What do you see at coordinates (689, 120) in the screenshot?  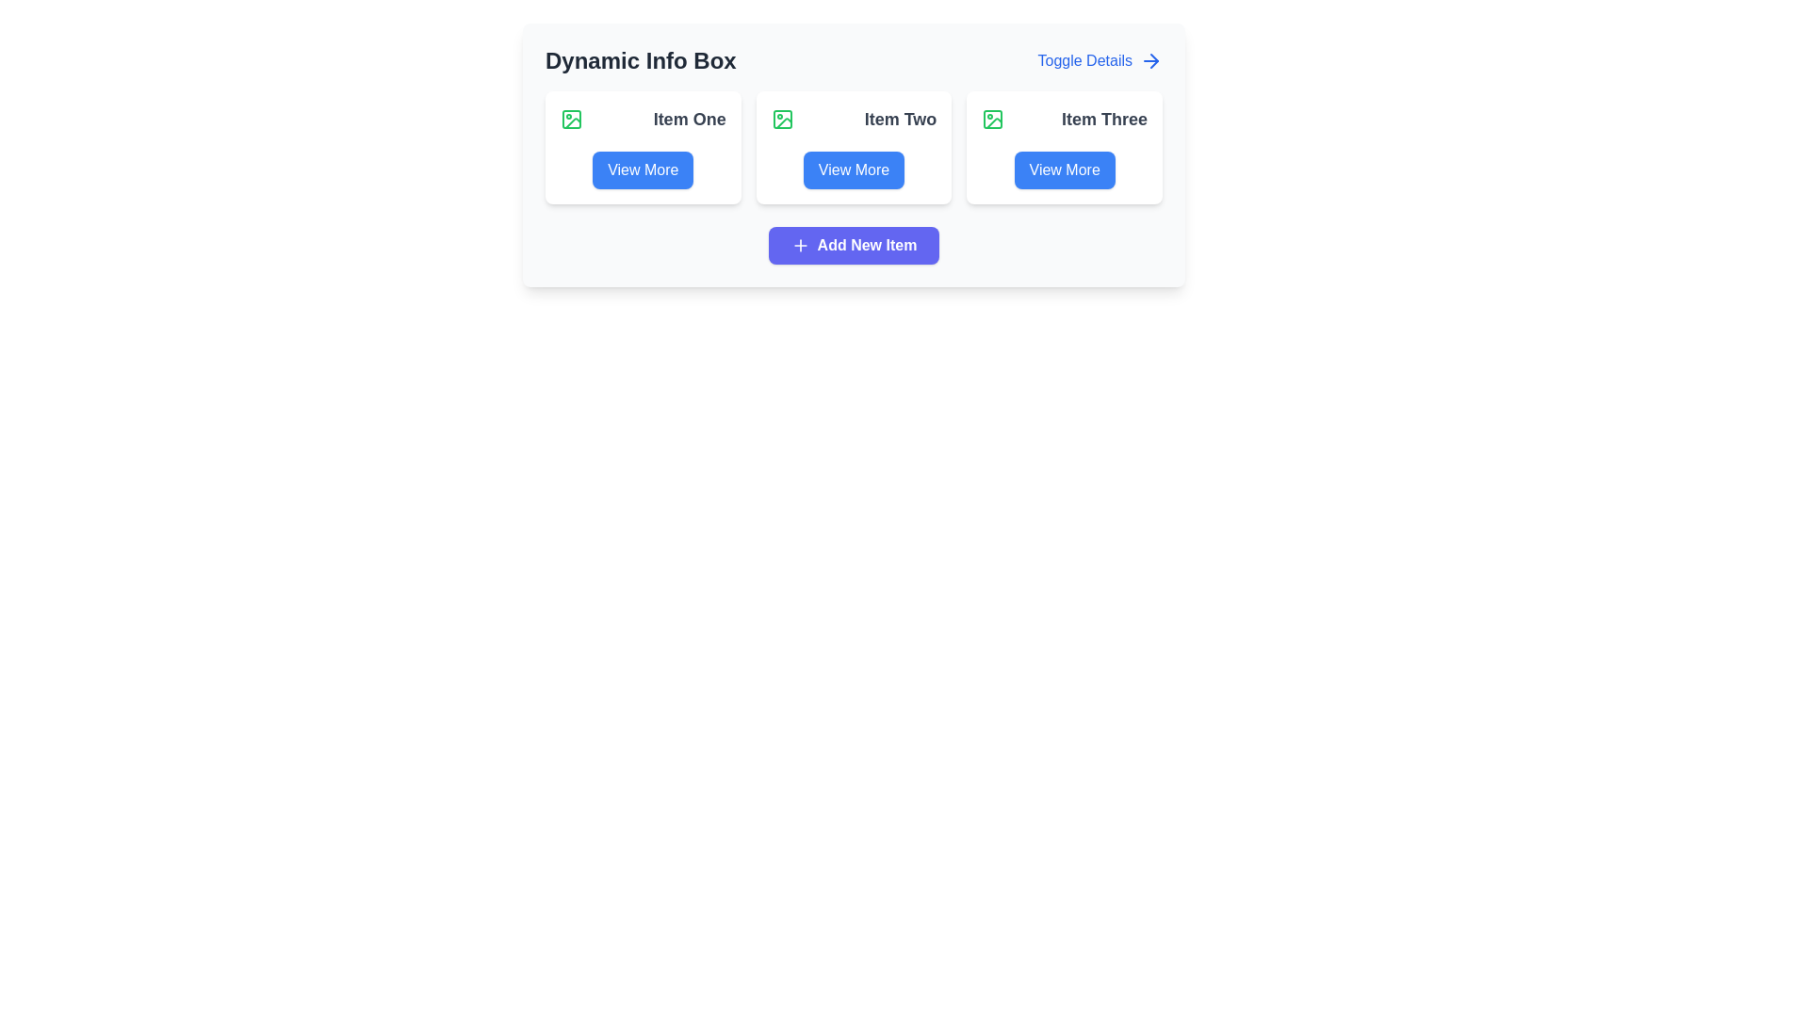 I see `the text label displaying 'Item One' to highlight the text, which is styled with a large, bold font and gray color` at bounding box center [689, 120].